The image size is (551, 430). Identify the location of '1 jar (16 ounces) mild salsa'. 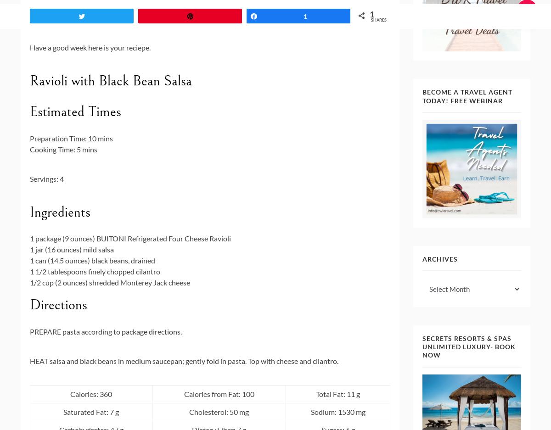
(30, 249).